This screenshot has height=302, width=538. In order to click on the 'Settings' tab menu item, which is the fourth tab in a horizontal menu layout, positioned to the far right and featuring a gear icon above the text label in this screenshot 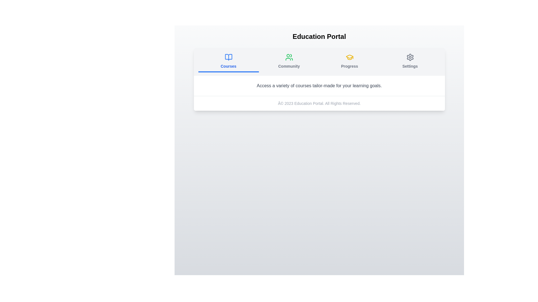, I will do `click(410, 62)`.